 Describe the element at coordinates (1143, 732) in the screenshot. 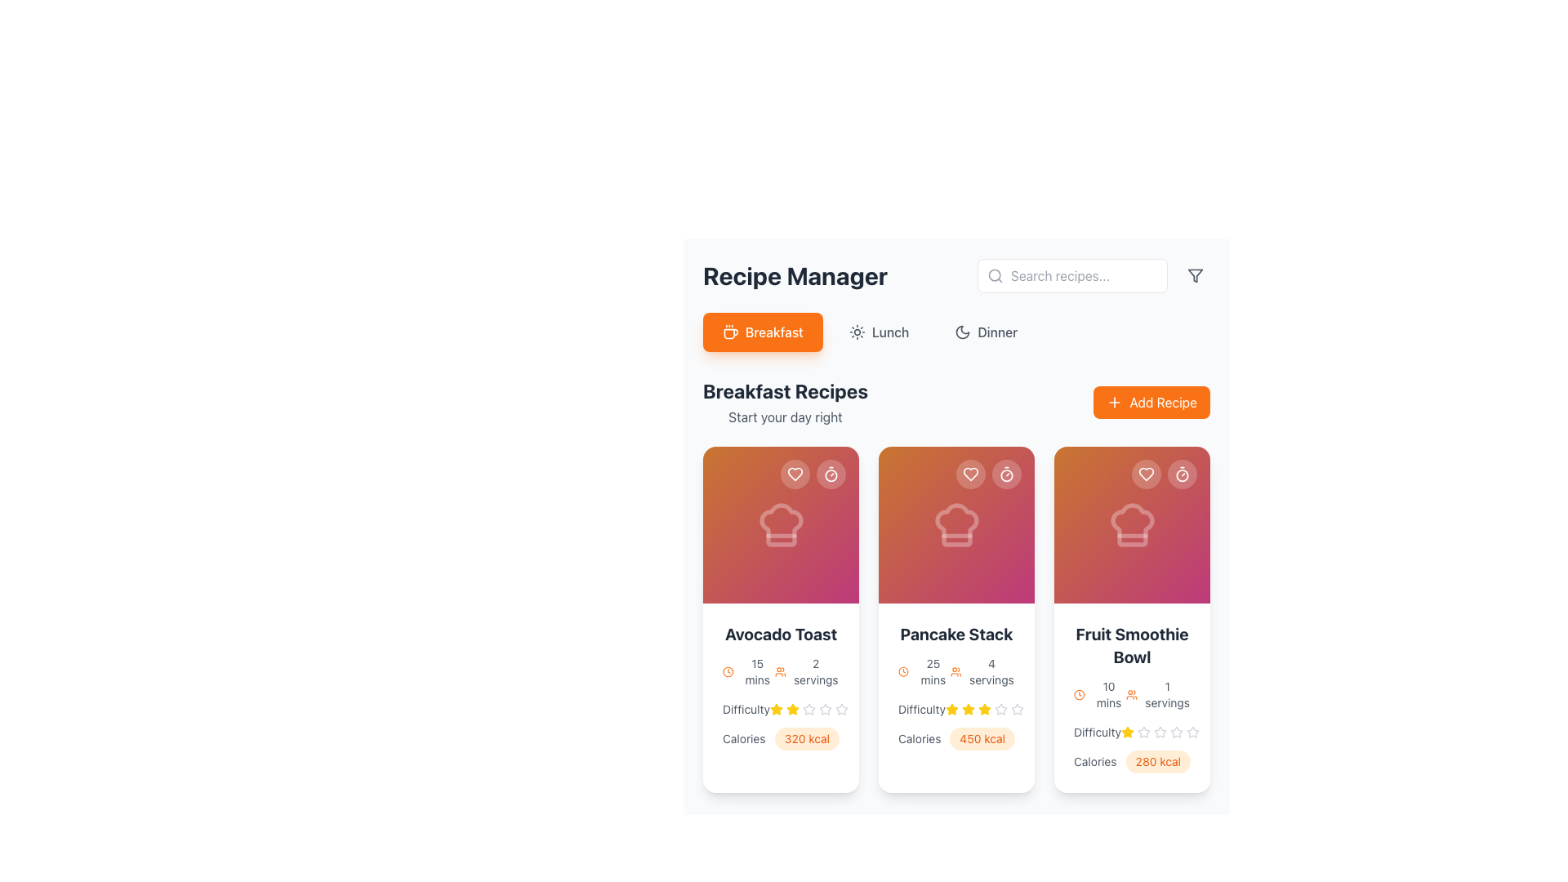

I see `the third star icon in the difficulty rating section of the 'Fruit Smoothie Bowl' recipe card, which is visually gray and part of a sequence of five identical icons` at that location.